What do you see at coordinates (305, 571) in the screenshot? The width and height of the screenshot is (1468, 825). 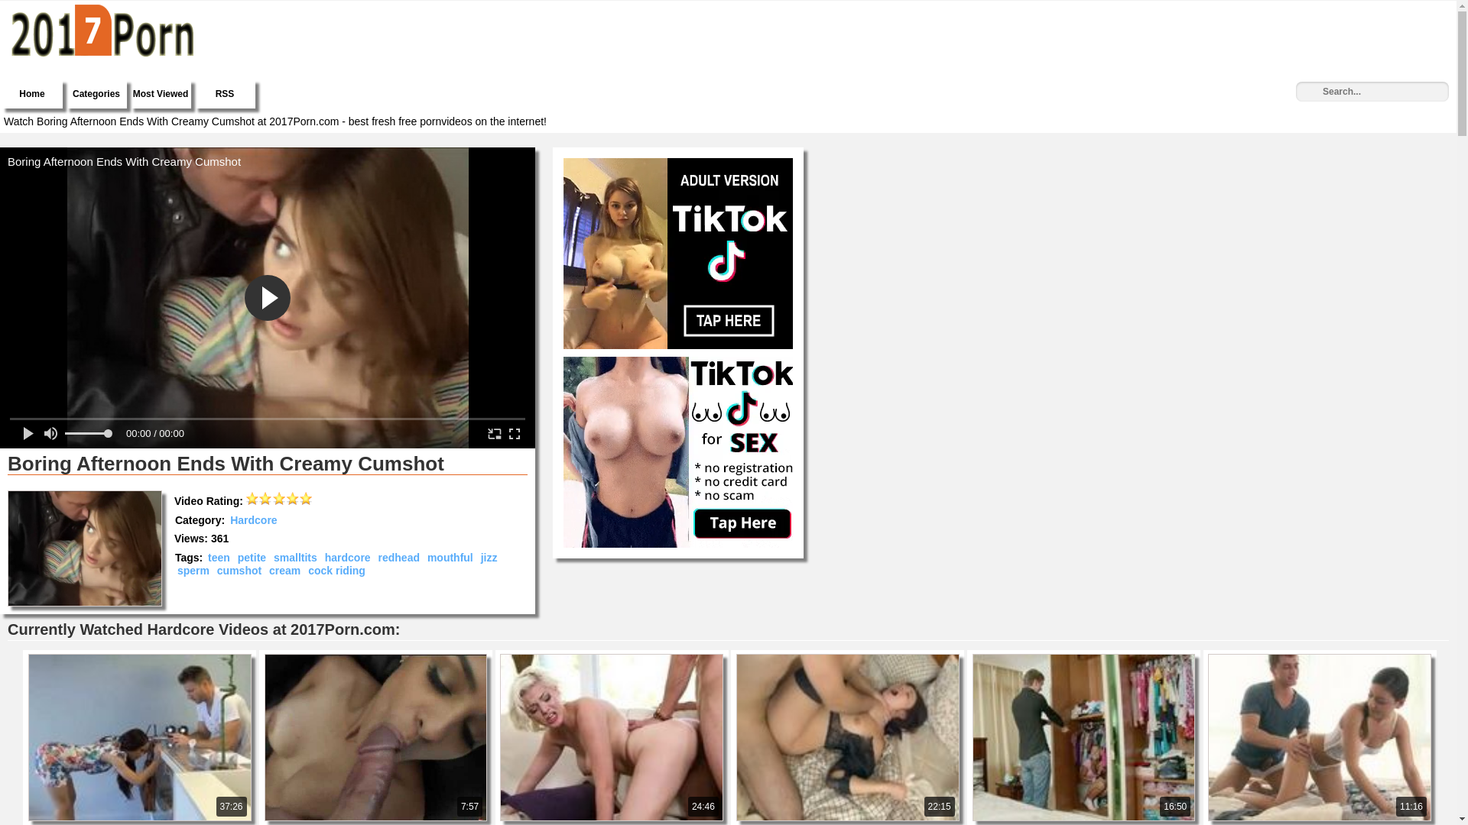 I see `'cock riding'` at bounding box center [305, 571].